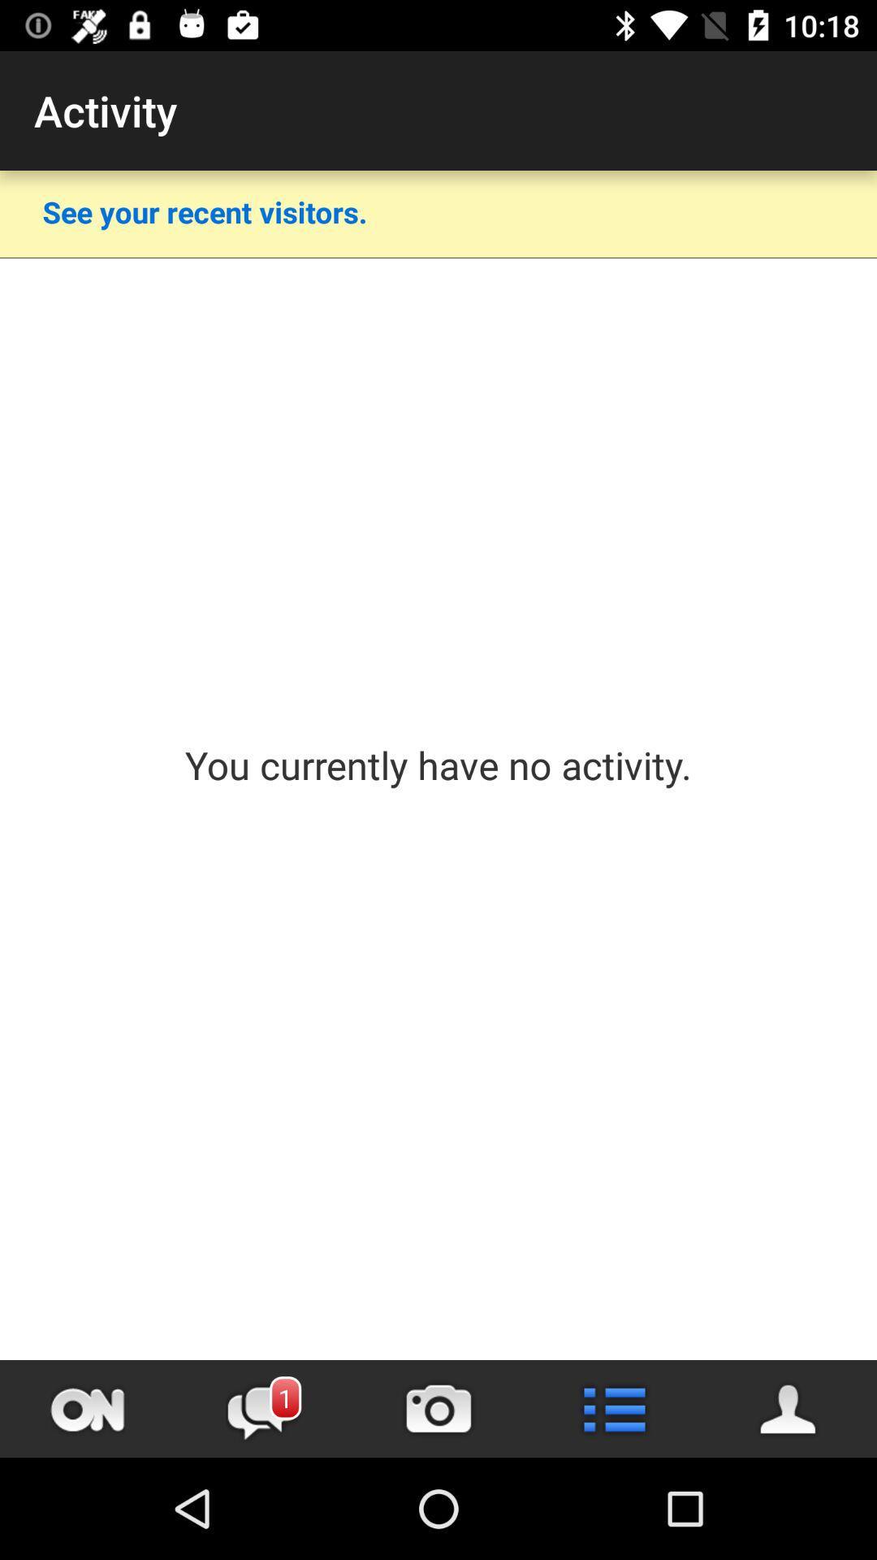 This screenshot has width=877, height=1560. I want to click on app above the you currently have, so click(438, 257).